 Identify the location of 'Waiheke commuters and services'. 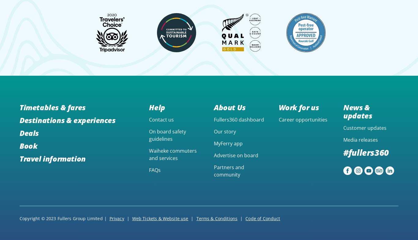
(173, 154).